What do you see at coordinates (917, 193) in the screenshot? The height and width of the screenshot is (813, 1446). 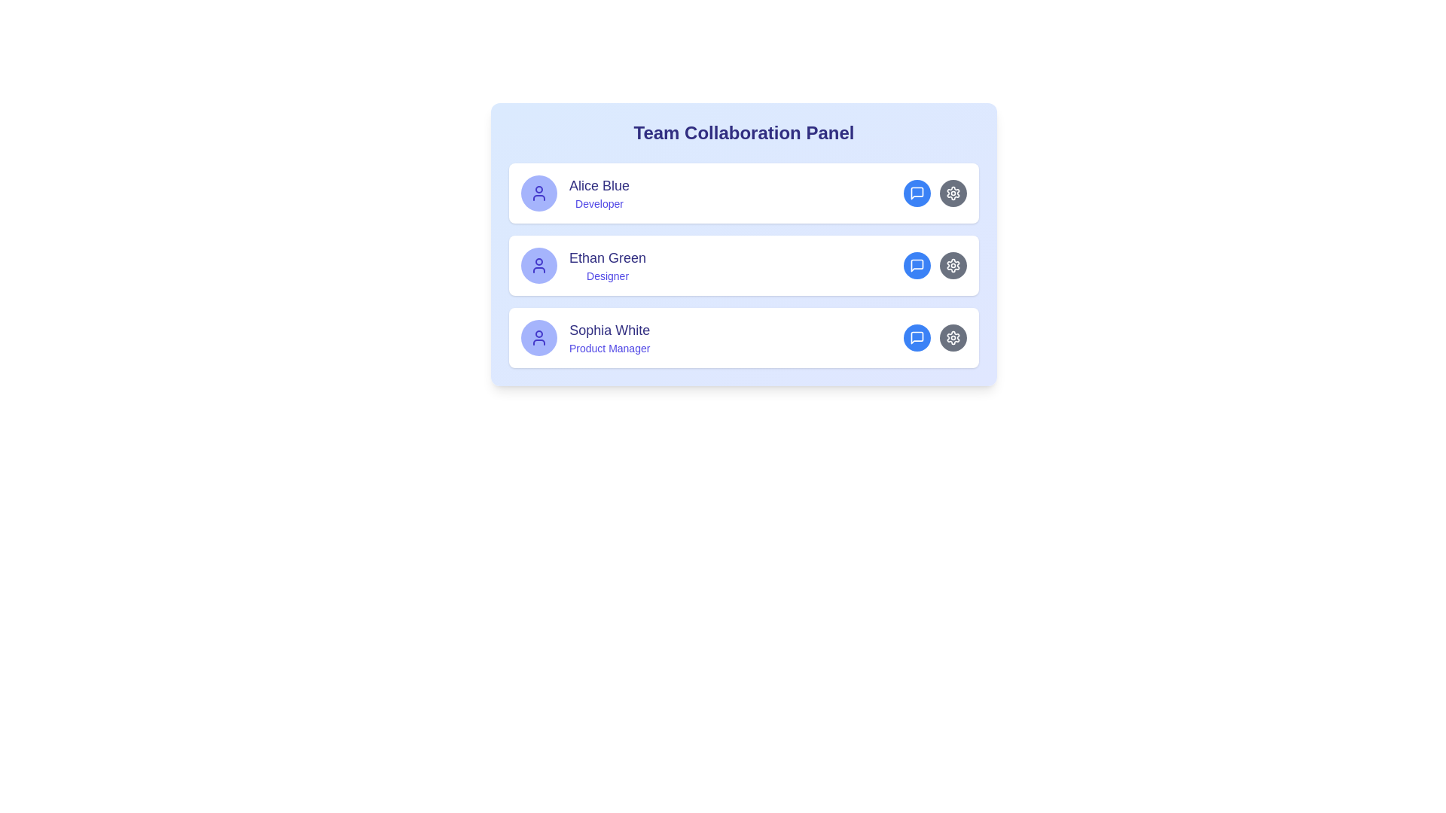 I see `the Icon button located in the topmost row of the user information cards to initiate a chat or message with Alice Blue` at bounding box center [917, 193].